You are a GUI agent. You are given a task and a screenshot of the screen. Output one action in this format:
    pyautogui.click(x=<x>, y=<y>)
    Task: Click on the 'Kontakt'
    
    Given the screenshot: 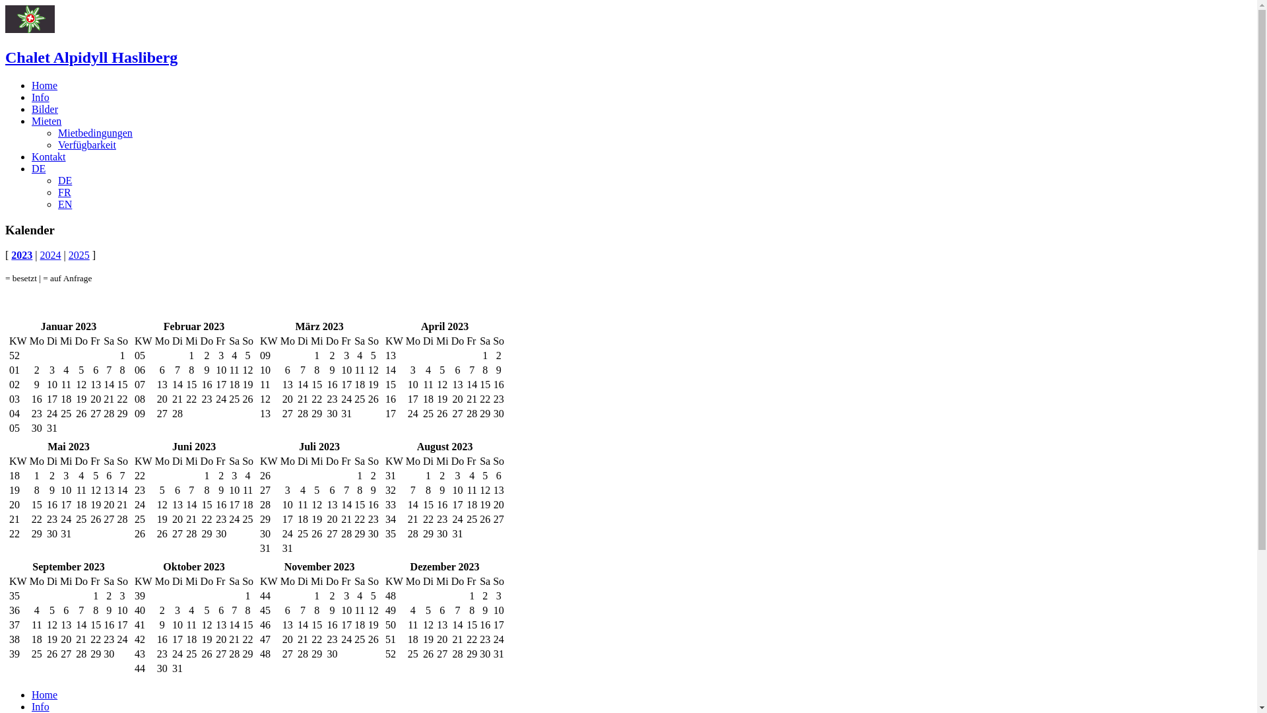 What is the action you would take?
    pyautogui.click(x=48, y=156)
    